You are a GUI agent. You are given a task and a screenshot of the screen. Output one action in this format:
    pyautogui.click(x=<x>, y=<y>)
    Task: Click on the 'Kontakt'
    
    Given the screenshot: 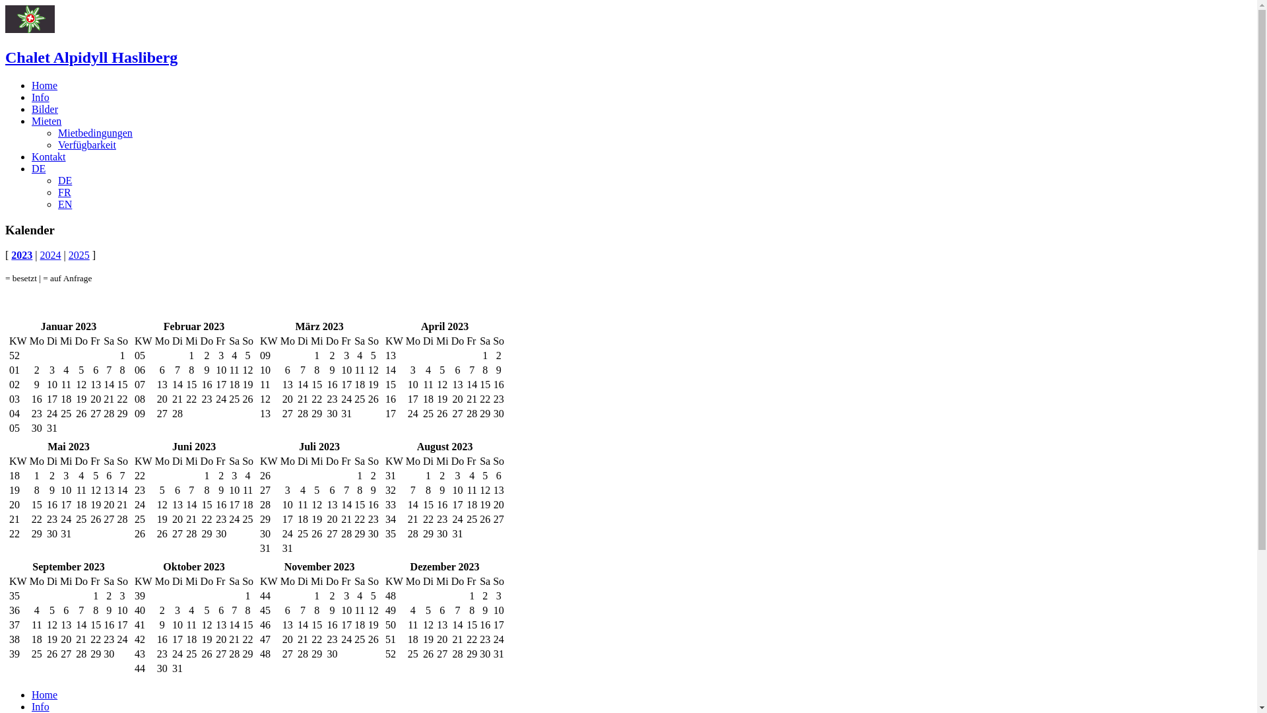 What is the action you would take?
    pyautogui.click(x=48, y=156)
    